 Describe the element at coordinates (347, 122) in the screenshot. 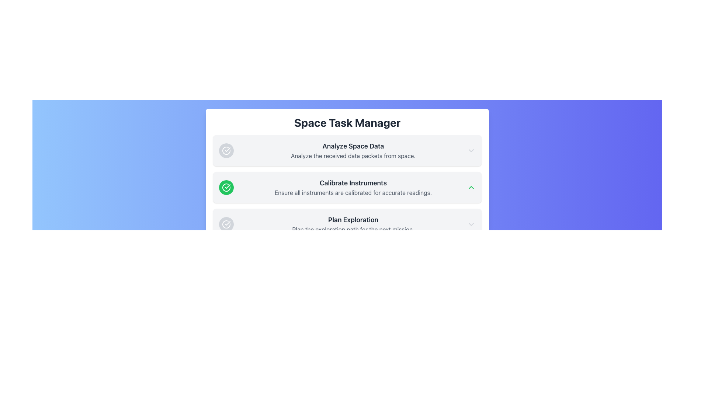

I see `the centered, bold, large header text labeled 'Space Task Manager' positioned at the top of a white card with a blue gradient background` at that location.